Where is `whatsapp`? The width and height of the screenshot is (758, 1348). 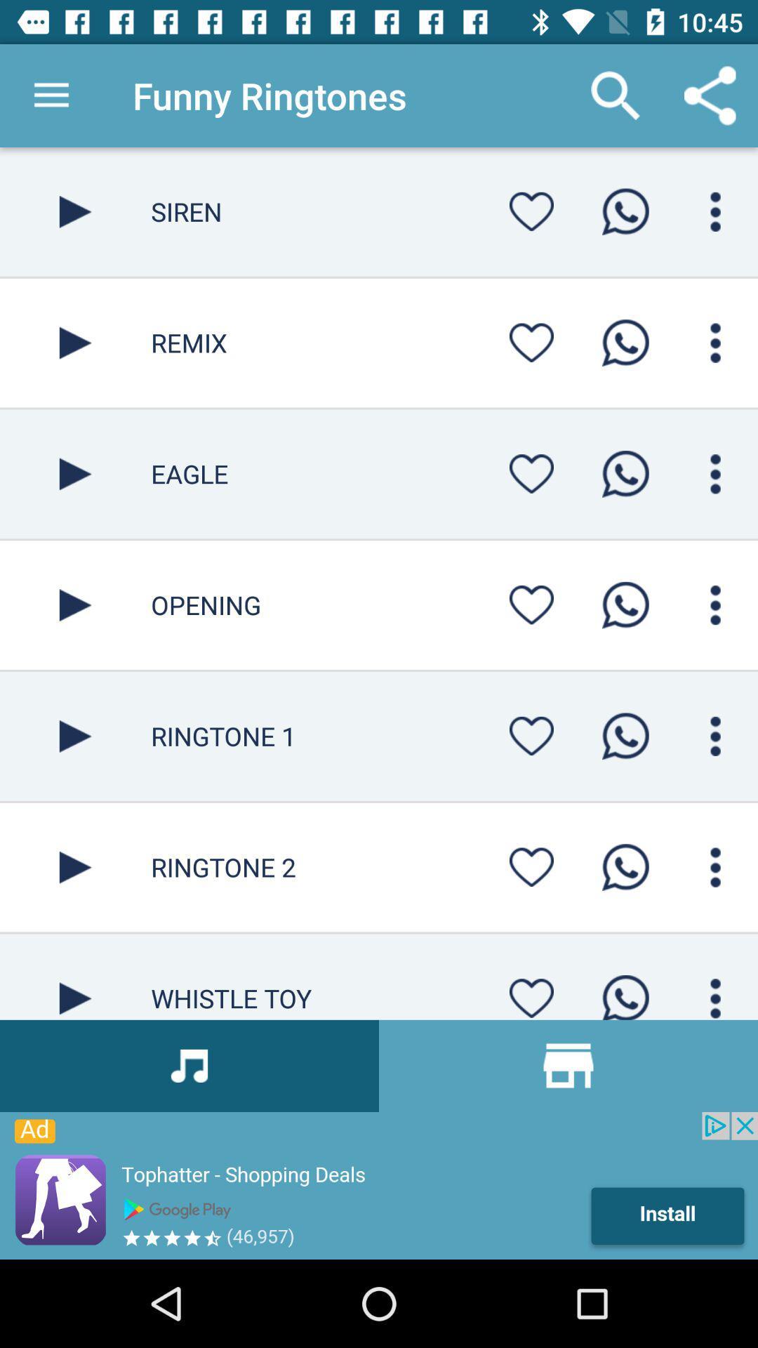
whatsapp is located at coordinates (625, 474).